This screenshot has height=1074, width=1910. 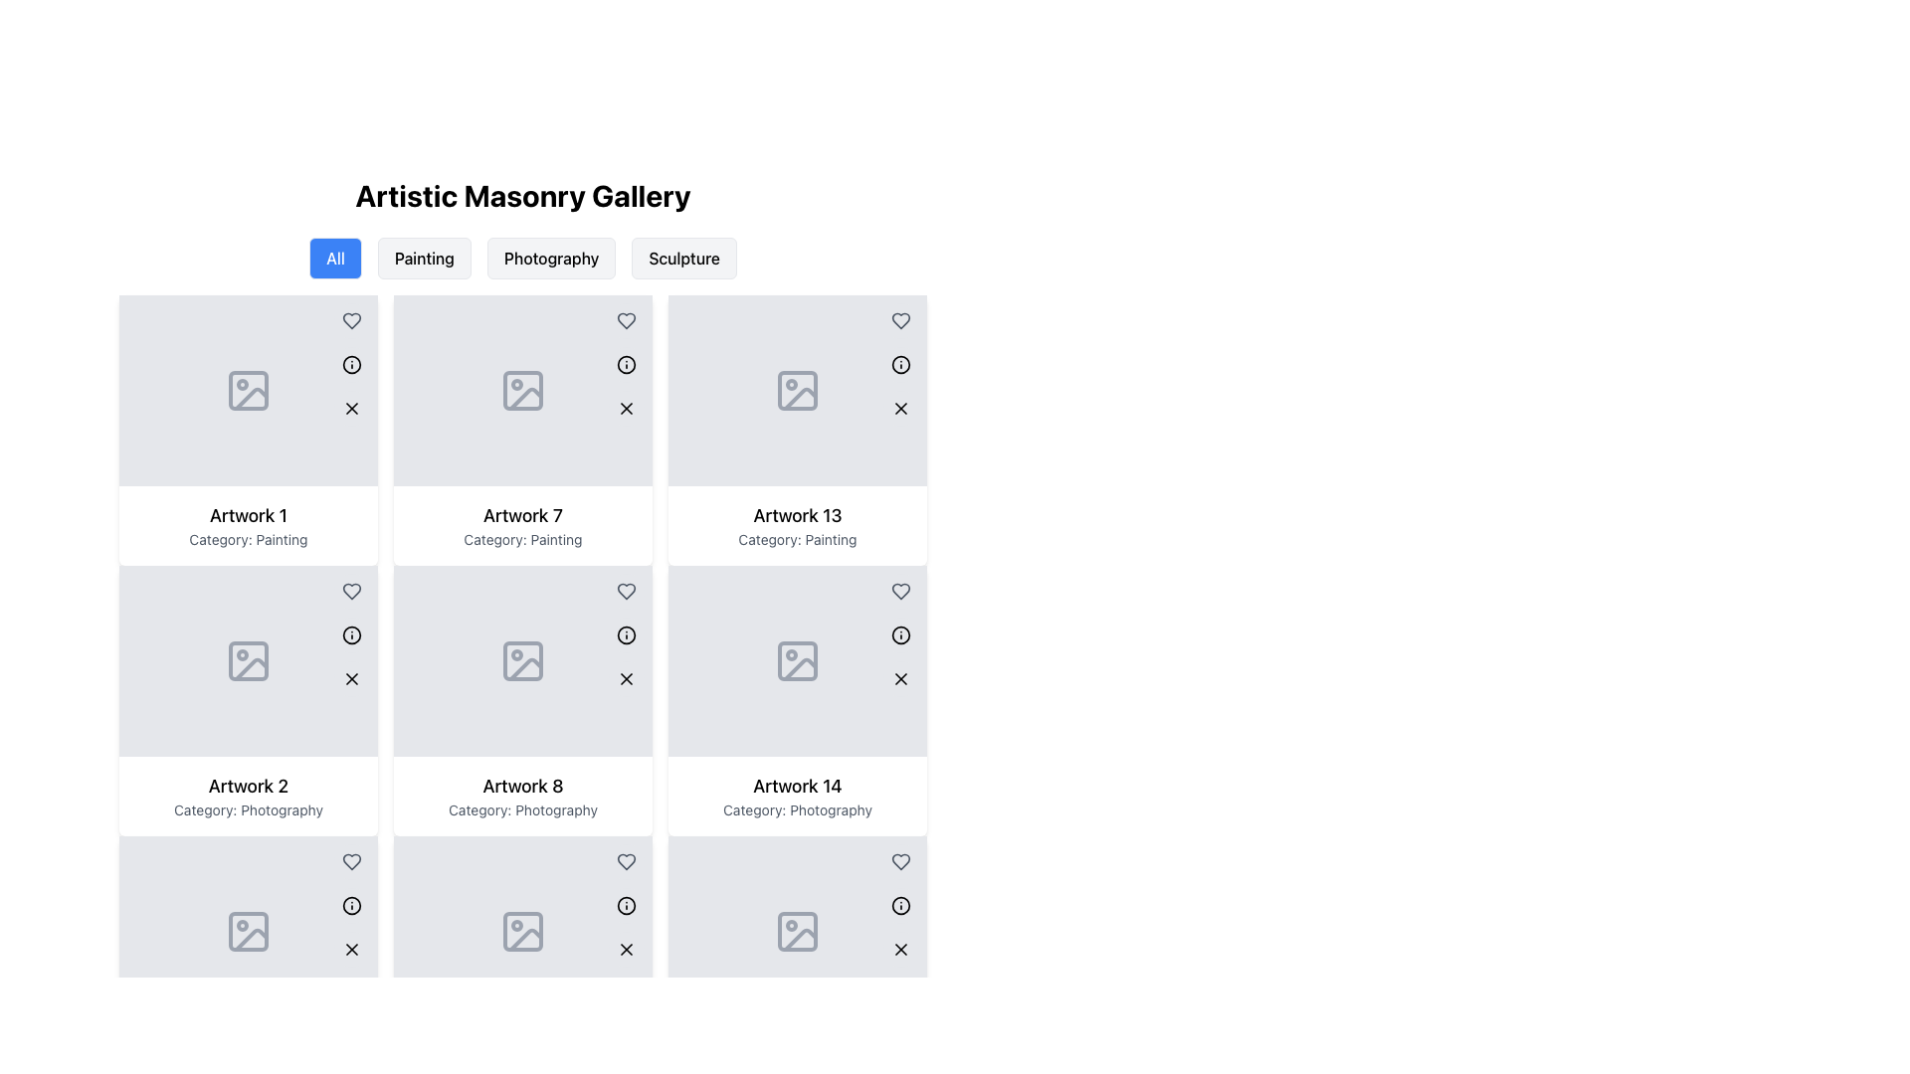 I want to click on the close or remove button located in the bottom-right corner of the card for 'Artwork 2', so click(x=352, y=949).